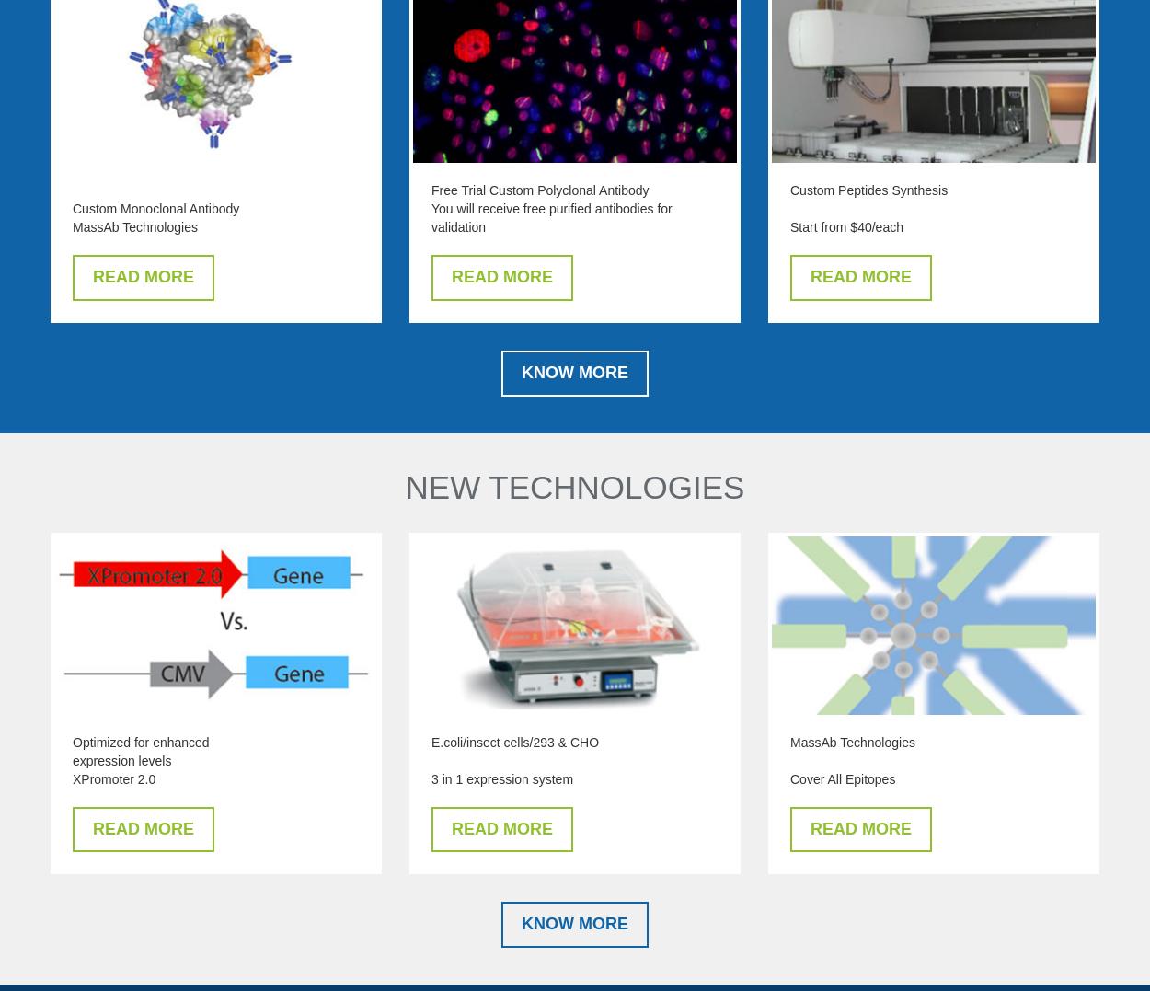 This screenshot has width=1150, height=991. Describe the element at coordinates (502, 777) in the screenshot. I see `'3 in 1 expression system'` at that location.